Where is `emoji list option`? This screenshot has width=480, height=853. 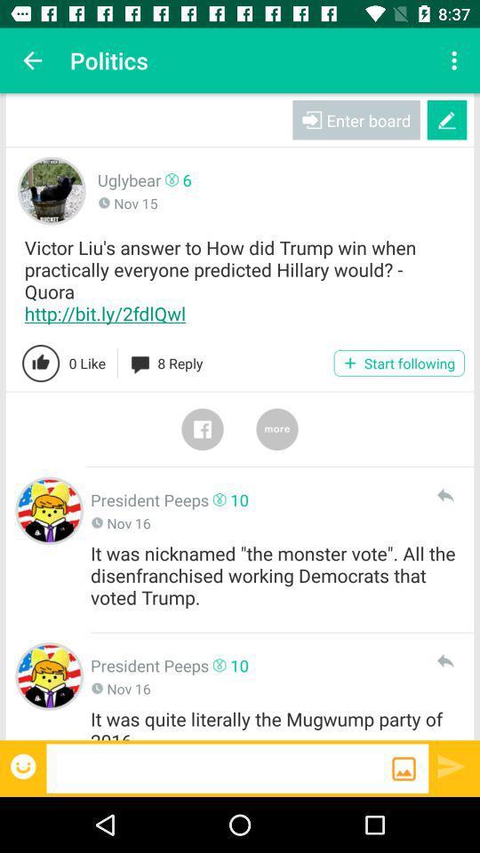 emoji list option is located at coordinates (24, 765).